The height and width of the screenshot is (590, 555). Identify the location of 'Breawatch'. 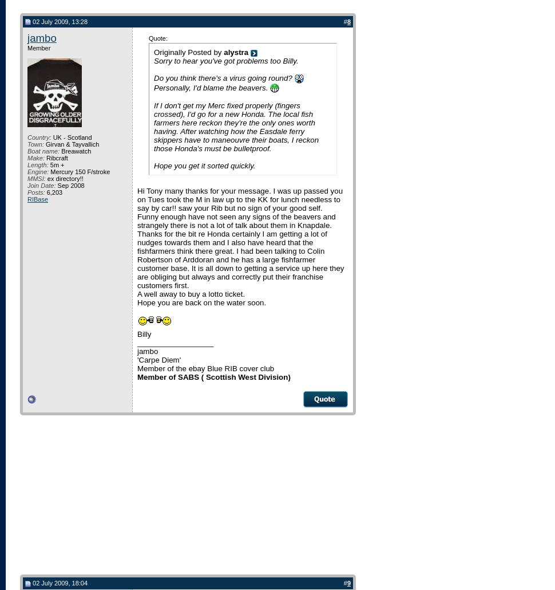
(75, 150).